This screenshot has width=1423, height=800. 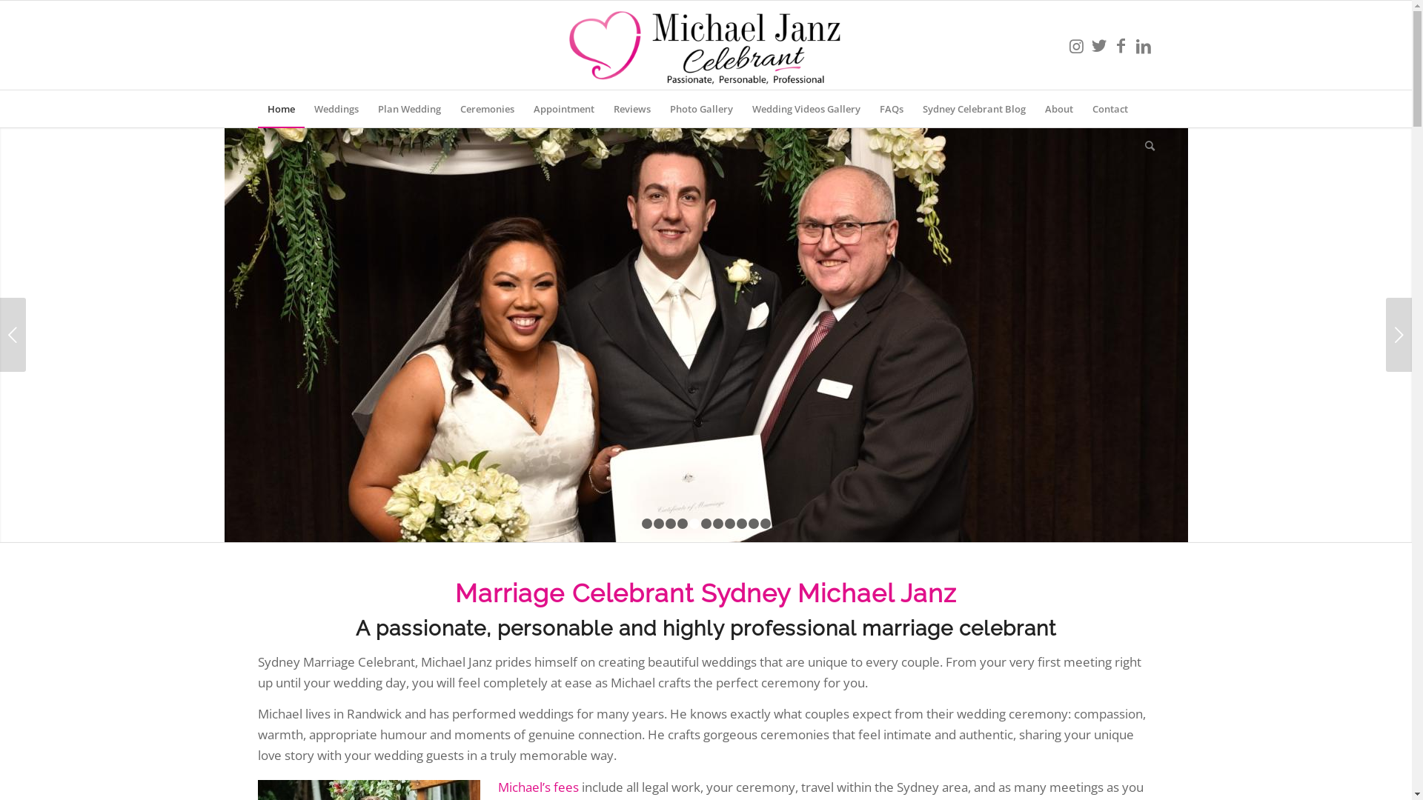 What do you see at coordinates (1398, 297) in the screenshot?
I see `'Next'` at bounding box center [1398, 297].